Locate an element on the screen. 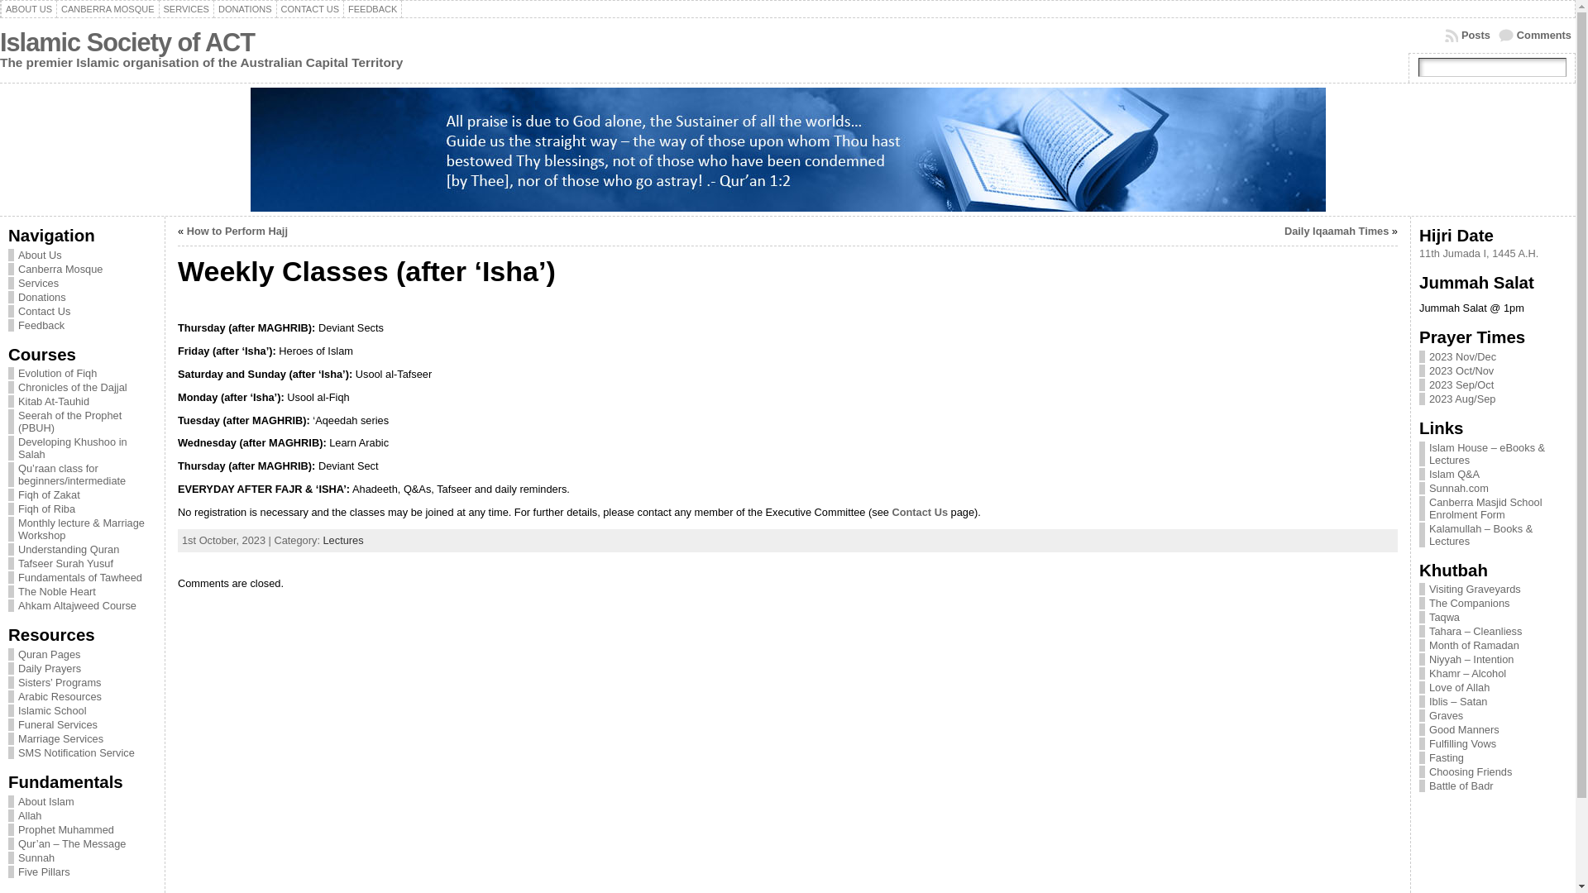 The width and height of the screenshot is (1588, 893). 'Monthly lecture & Marriage Workshop' is located at coordinates (7, 529).